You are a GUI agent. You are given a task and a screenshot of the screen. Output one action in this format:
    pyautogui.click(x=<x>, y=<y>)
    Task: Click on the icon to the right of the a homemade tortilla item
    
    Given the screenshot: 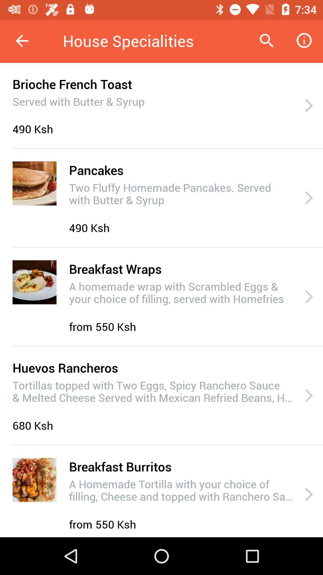 What is the action you would take?
    pyautogui.click(x=309, y=494)
    